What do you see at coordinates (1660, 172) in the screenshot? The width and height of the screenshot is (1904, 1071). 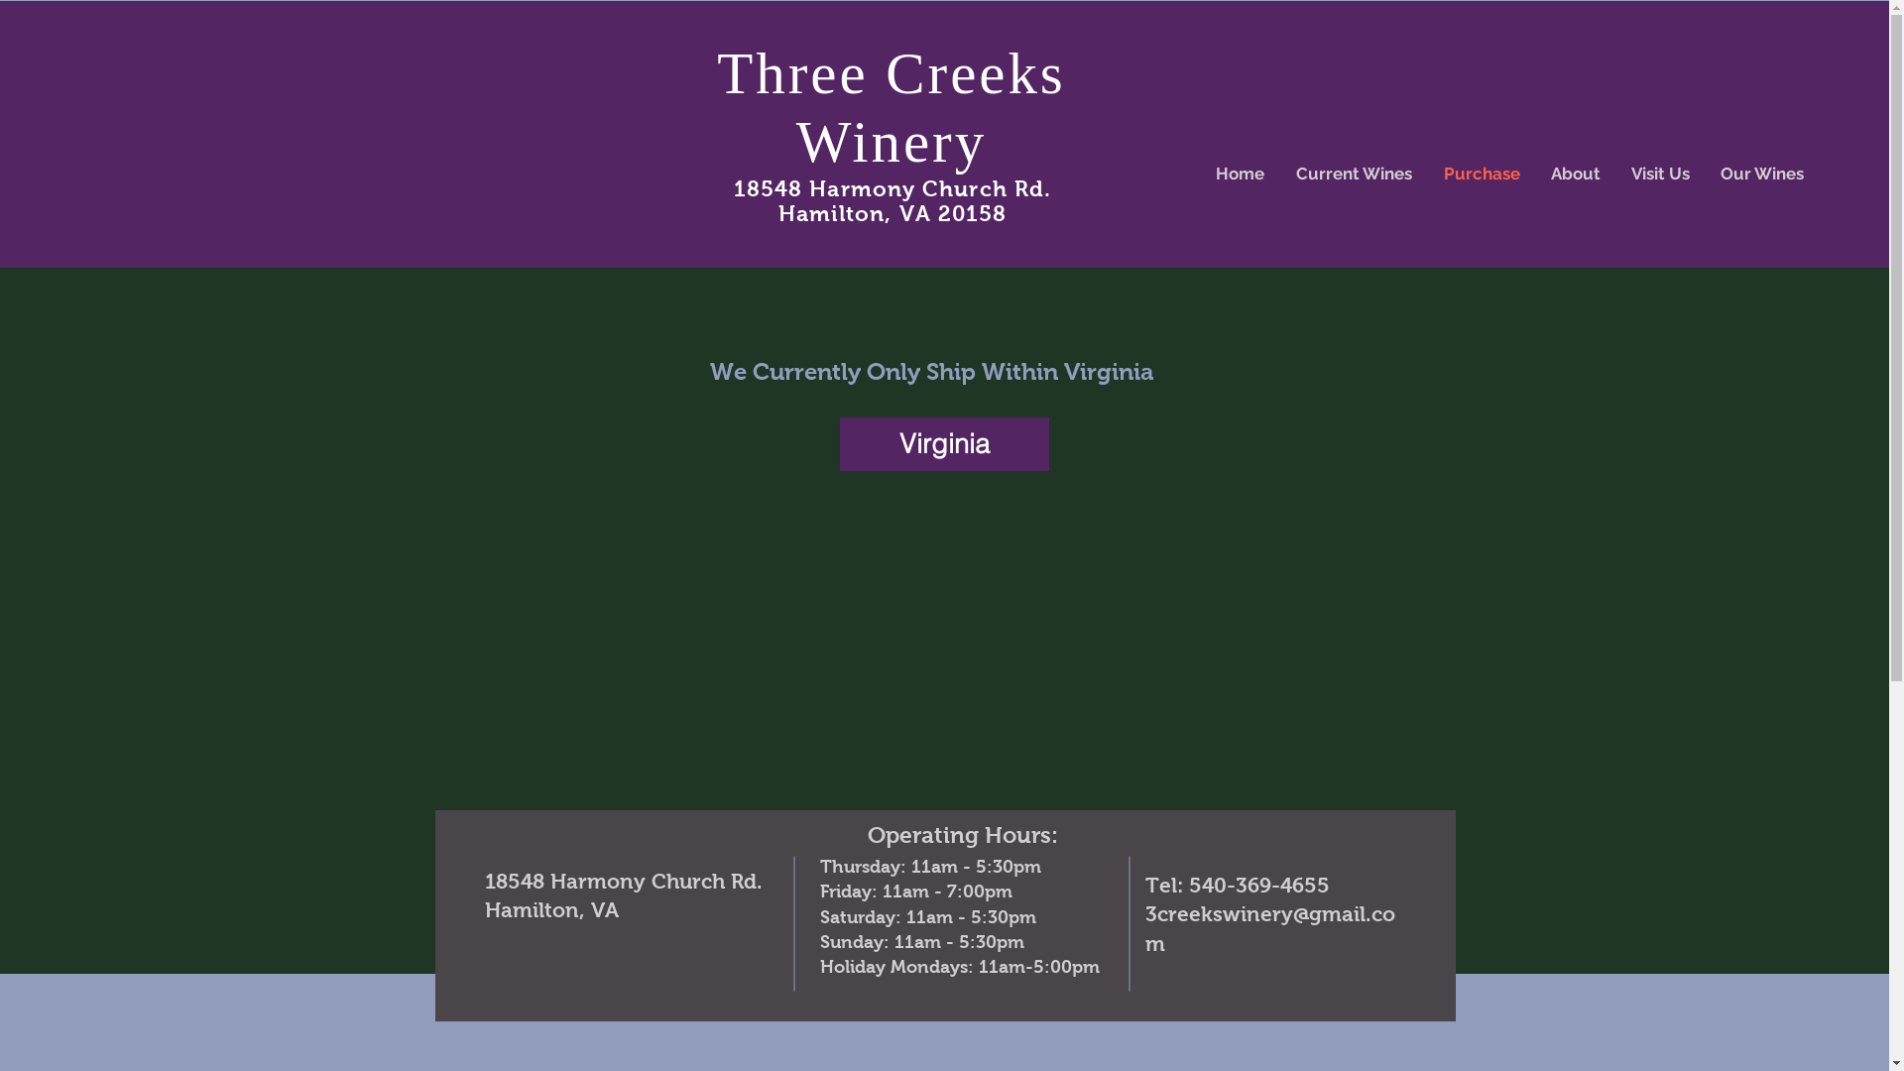 I see `'Visit Us'` at bounding box center [1660, 172].